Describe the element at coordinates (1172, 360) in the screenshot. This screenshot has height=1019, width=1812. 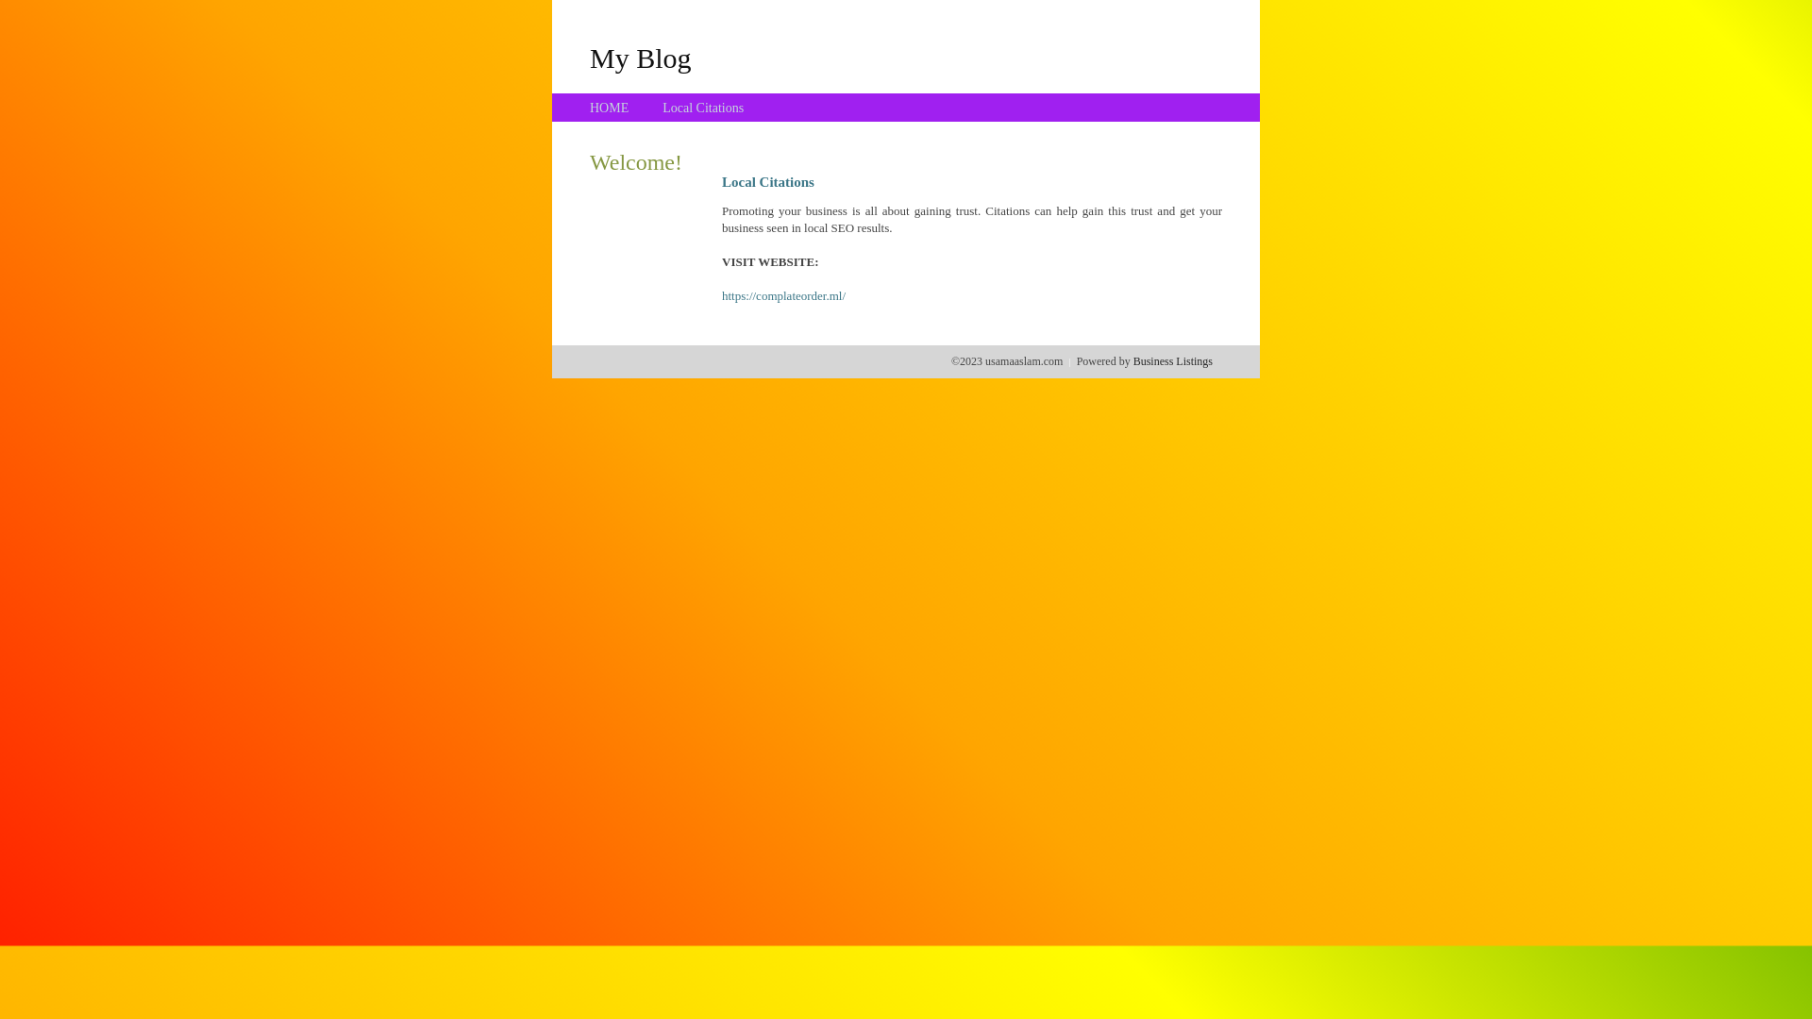
I see `'Business Listings'` at that location.